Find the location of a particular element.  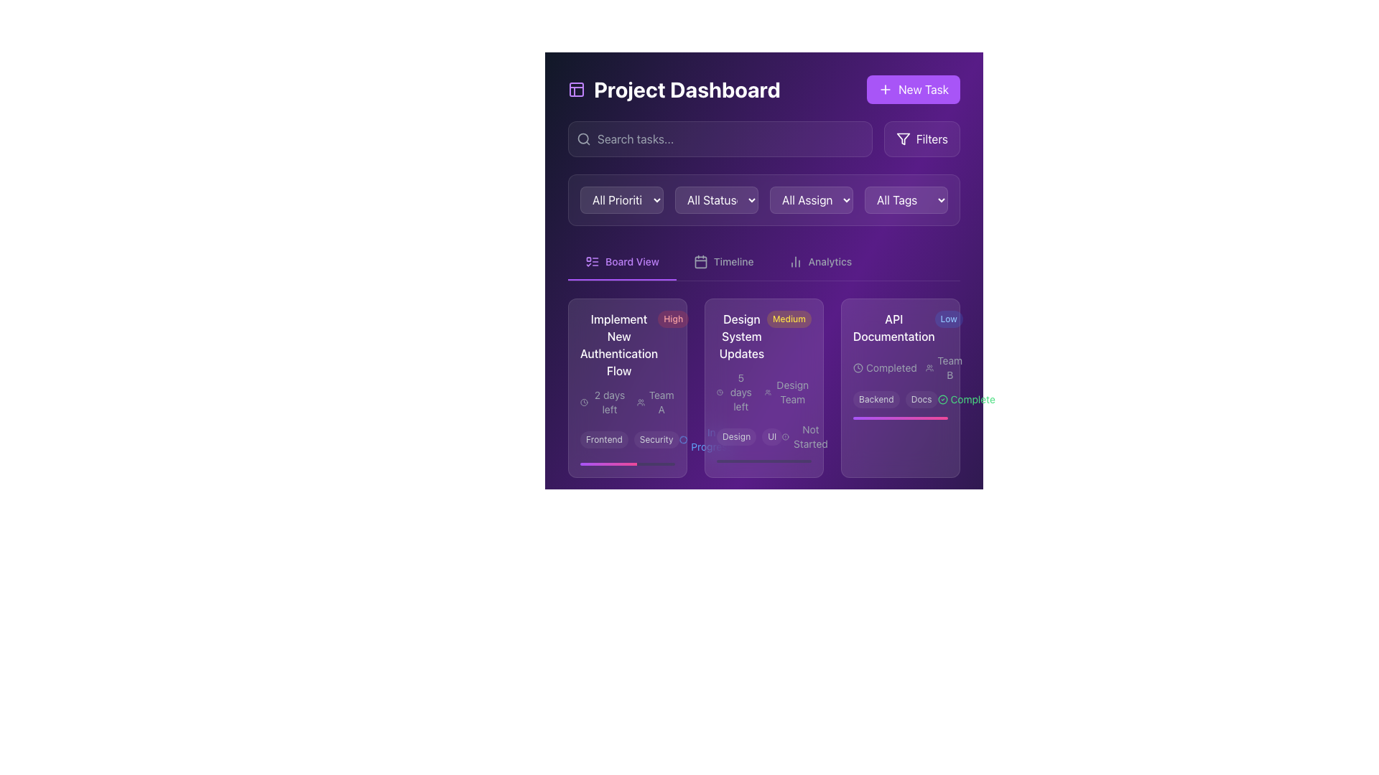

the Label badge indicating the priority level of the task in the 'Design System Updates' card, located at the top right corner next to the card title is located at coordinates (789, 318).